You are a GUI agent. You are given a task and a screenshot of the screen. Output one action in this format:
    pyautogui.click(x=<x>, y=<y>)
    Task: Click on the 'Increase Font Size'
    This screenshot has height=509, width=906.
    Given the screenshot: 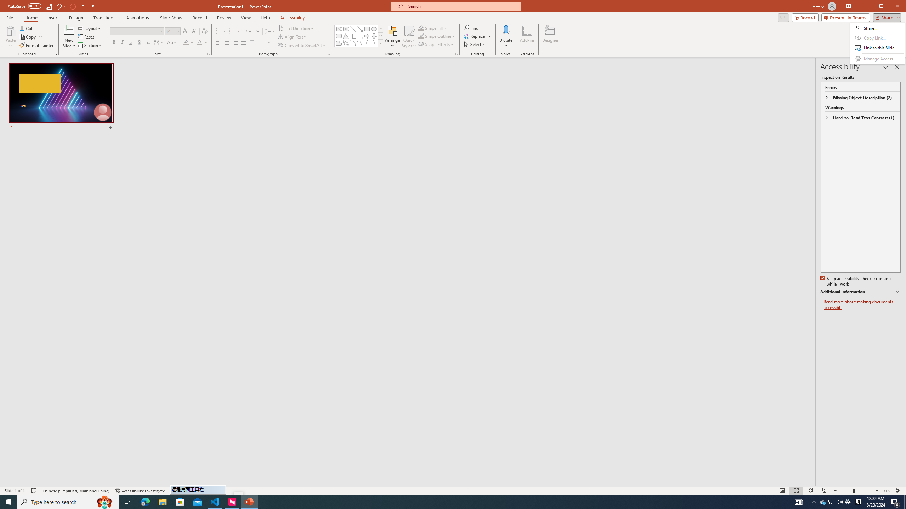 What is the action you would take?
    pyautogui.click(x=185, y=31)
    